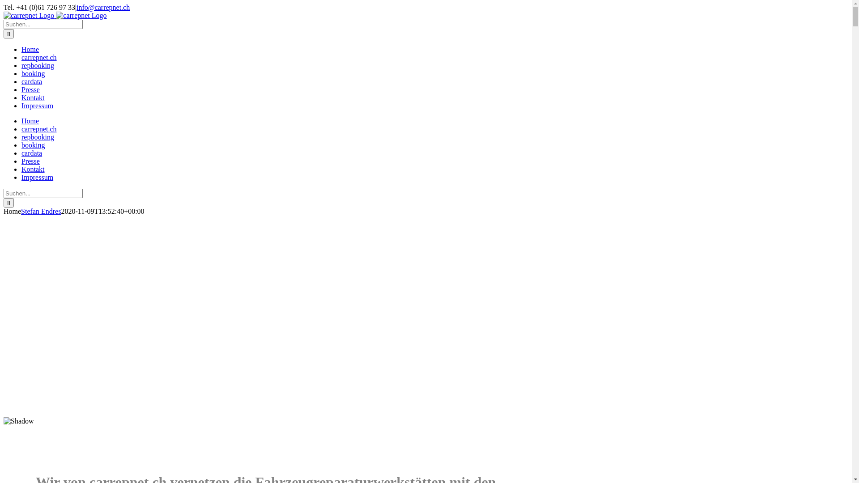 The image size is (859, 483). I want to click on 'carrepnet.ch', so click(38, 57).